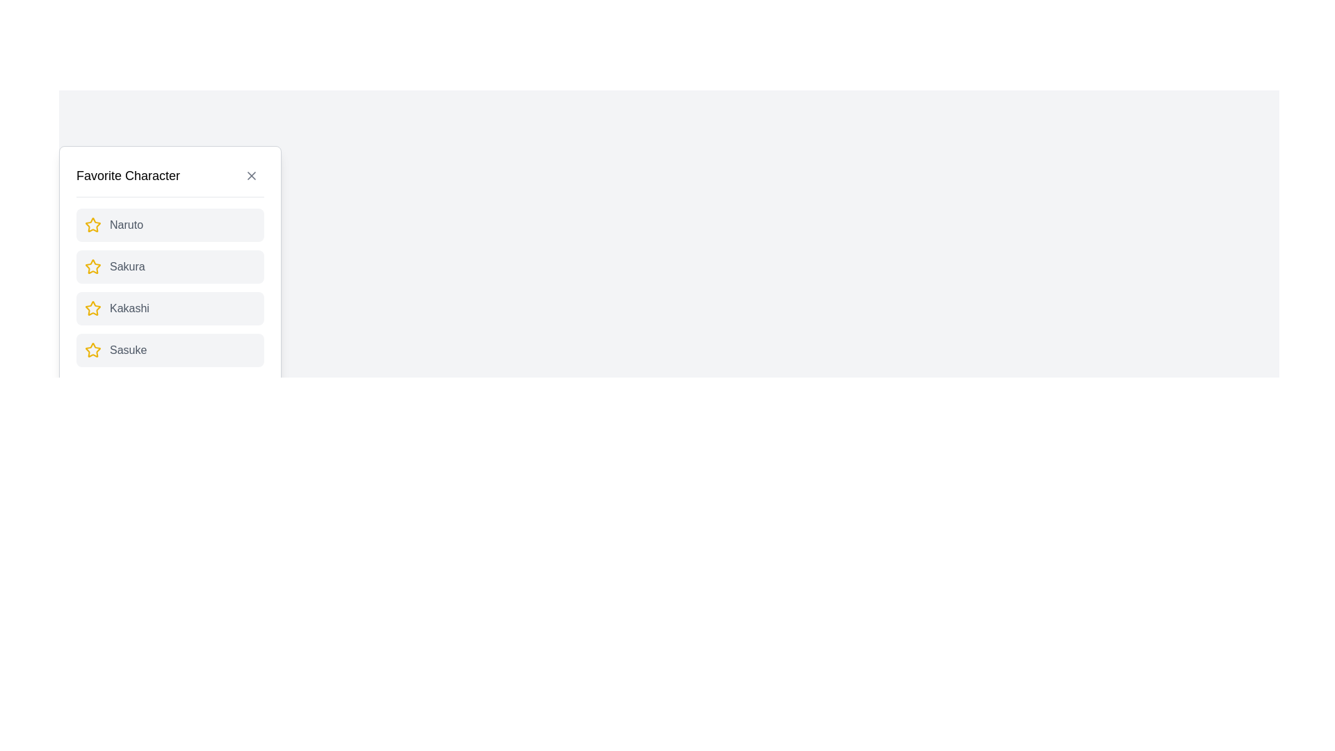 This screenshot has height=751, width=1335. Describe the element at coordinates (169, 286) in the screenshot. I see `the second item in the list of selectable items labeled 'Sakura' within the 'Favorite Character' modal` at that location.